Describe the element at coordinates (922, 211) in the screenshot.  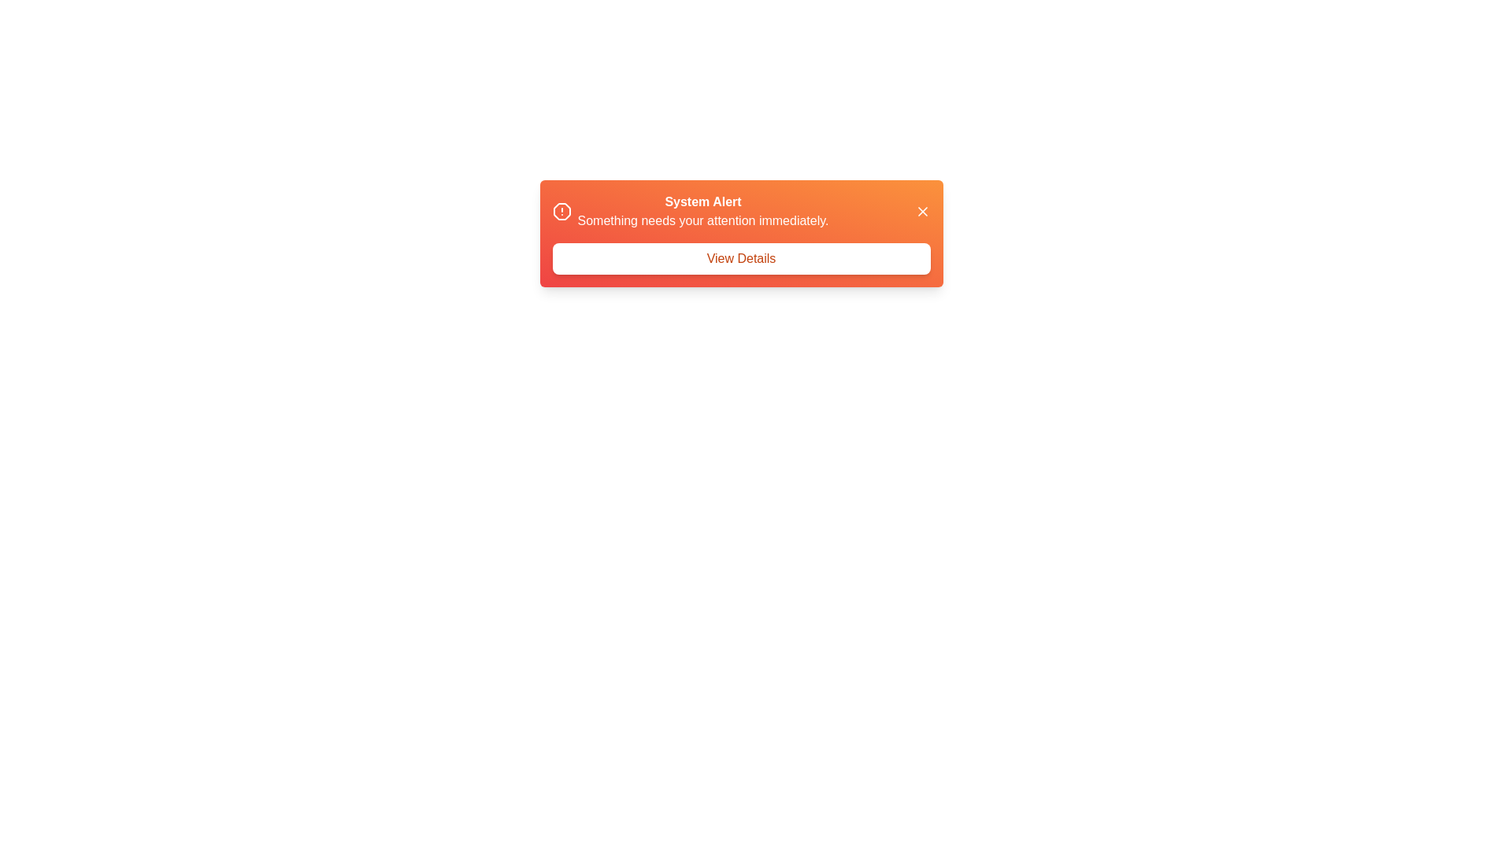
I see `the close icon located in the upper right corner of the notification box` at that location.